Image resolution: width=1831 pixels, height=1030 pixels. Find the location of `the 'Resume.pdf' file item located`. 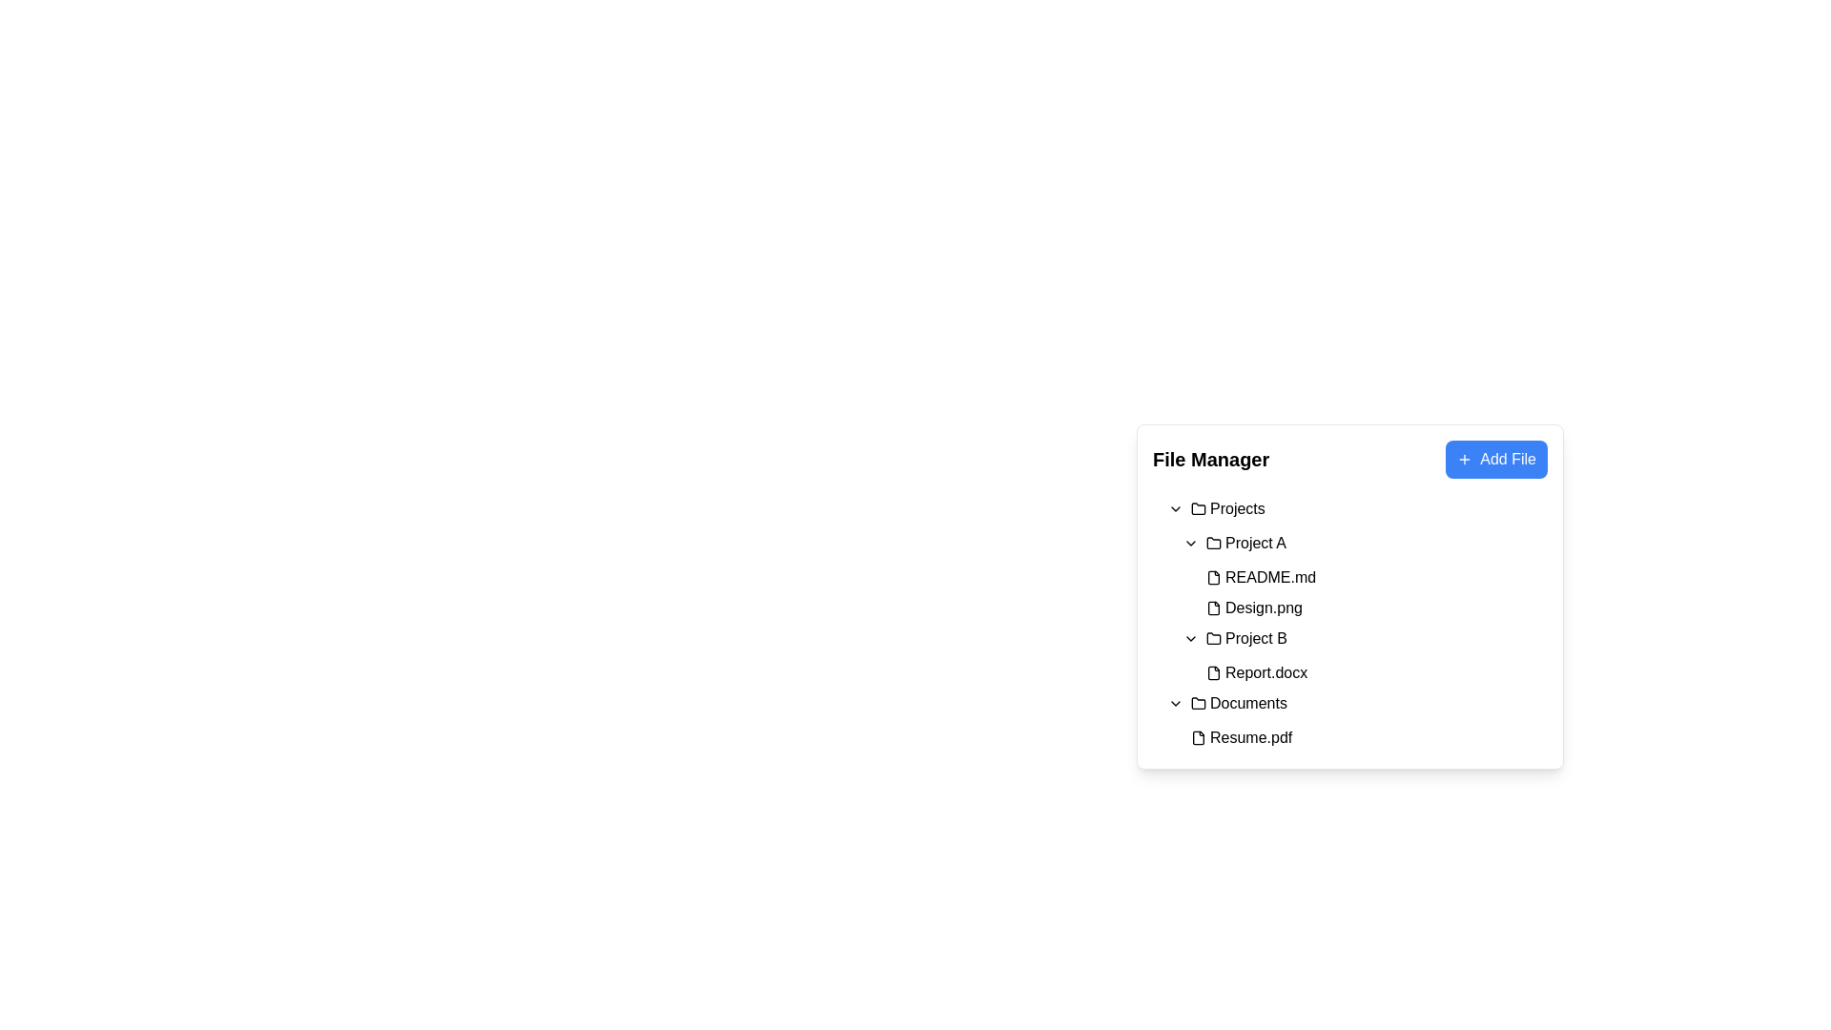

the 'Resume.pdf' file item located is located at coordinates (1241, 737).